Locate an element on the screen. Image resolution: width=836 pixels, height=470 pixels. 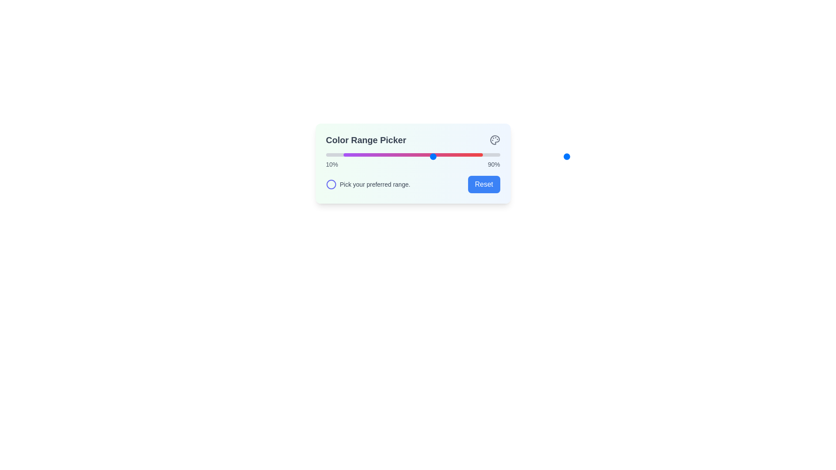
the text label with an associated decorative icon located in the middle-lower left section of the popup interface is located at coordinates (368, 184).